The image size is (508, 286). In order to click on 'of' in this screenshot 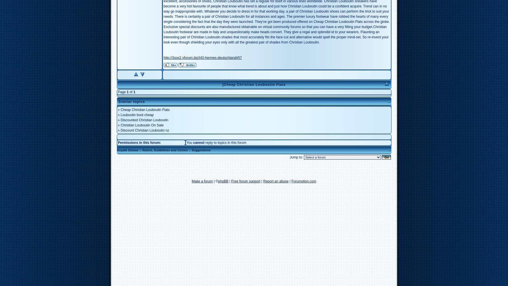, I will do `click(131, 92)`.